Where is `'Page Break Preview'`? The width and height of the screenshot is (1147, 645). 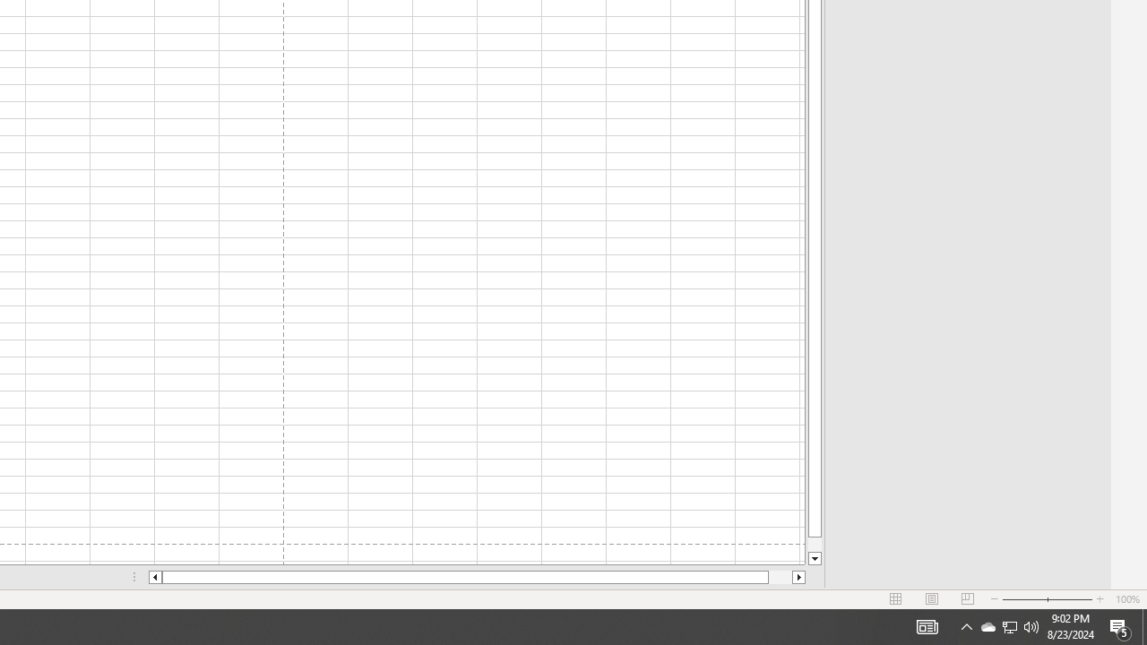
'Page Break Preview' is located at coordinates (966, 599).